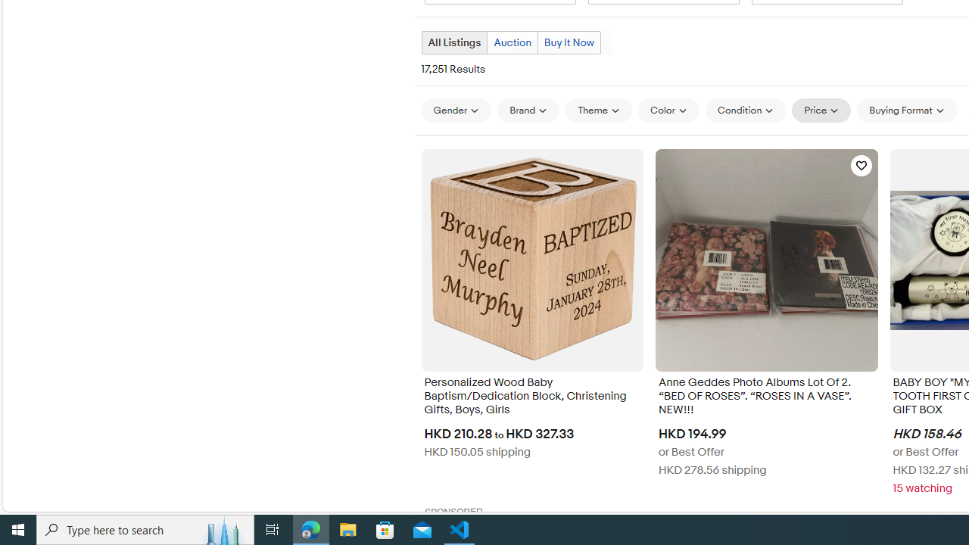 The height and width of the screenshot is (545, 969). Describe the element at coordinates (745, 110) in the screenshot. I see `'Condition'` at that location.